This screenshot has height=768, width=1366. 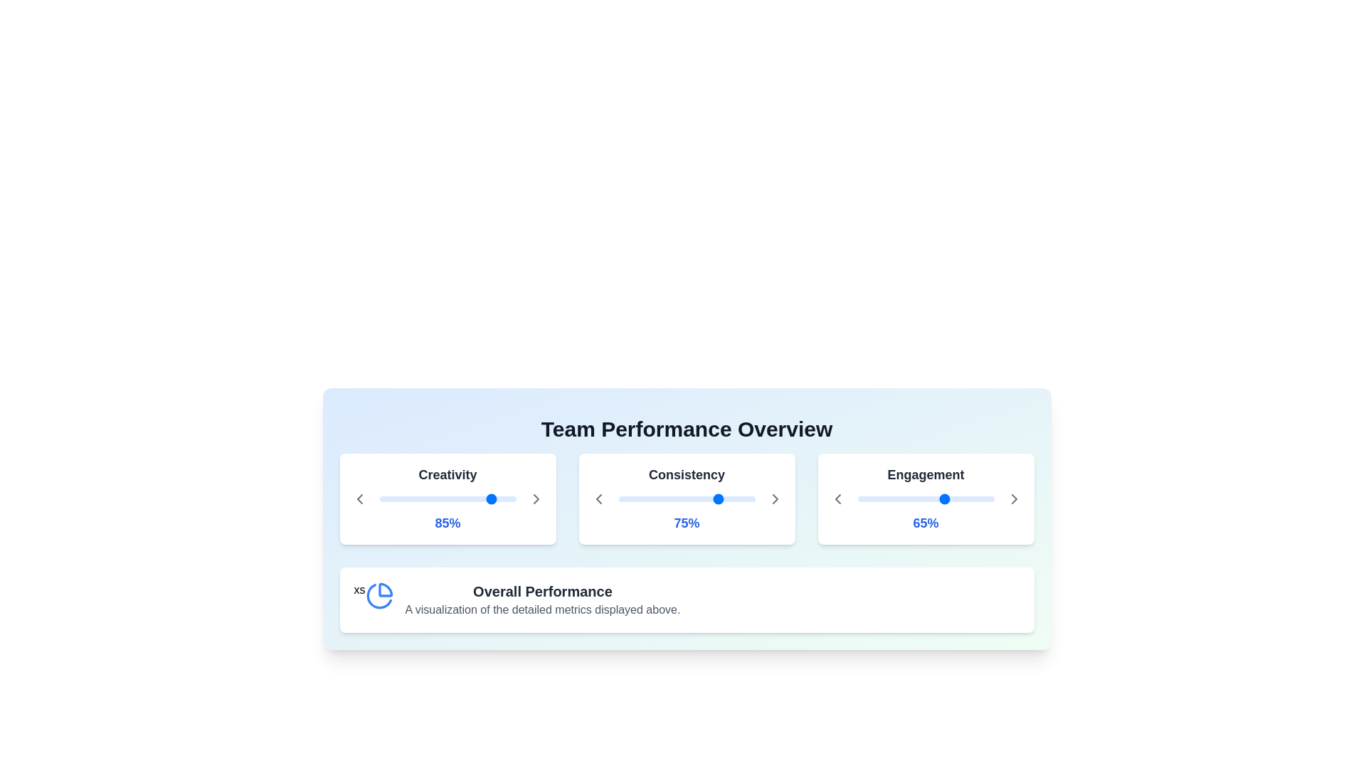 What do you see at coordinates (967, 498) in the screenshot?
I see `the engagement value` at bounding box center [967, 498].